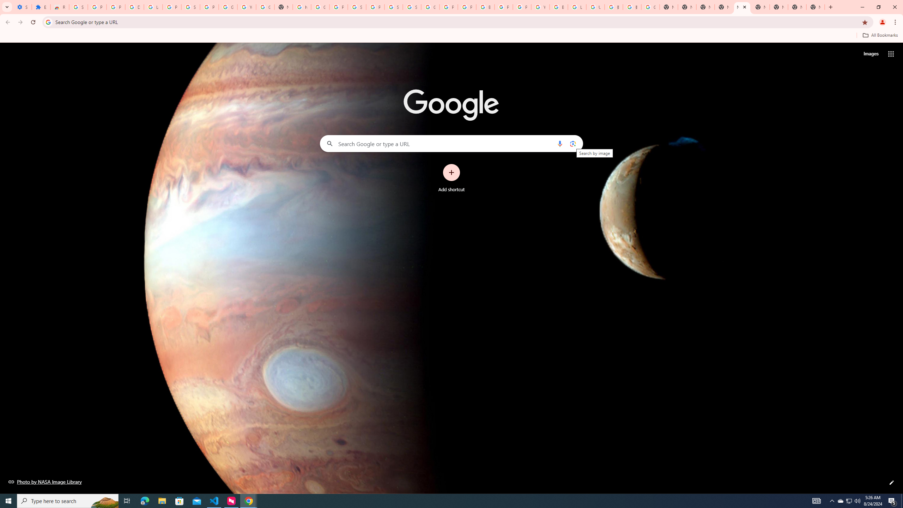  What do you see at coordinates (357, 7) in the screenshot?
I see `'Sign in - Google Accounts'` at bounding box center [357, 7].